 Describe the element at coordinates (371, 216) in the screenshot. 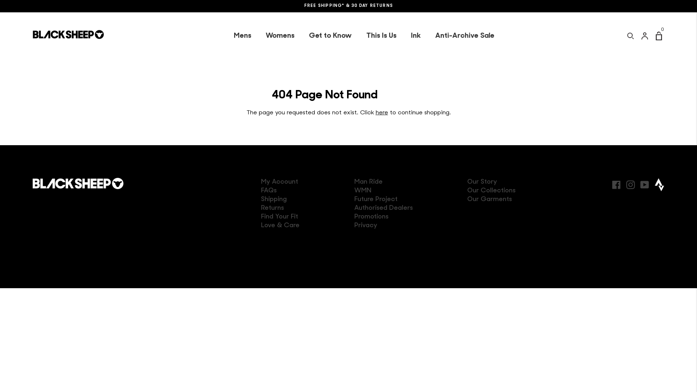

I see `'Promotions'` at that location.